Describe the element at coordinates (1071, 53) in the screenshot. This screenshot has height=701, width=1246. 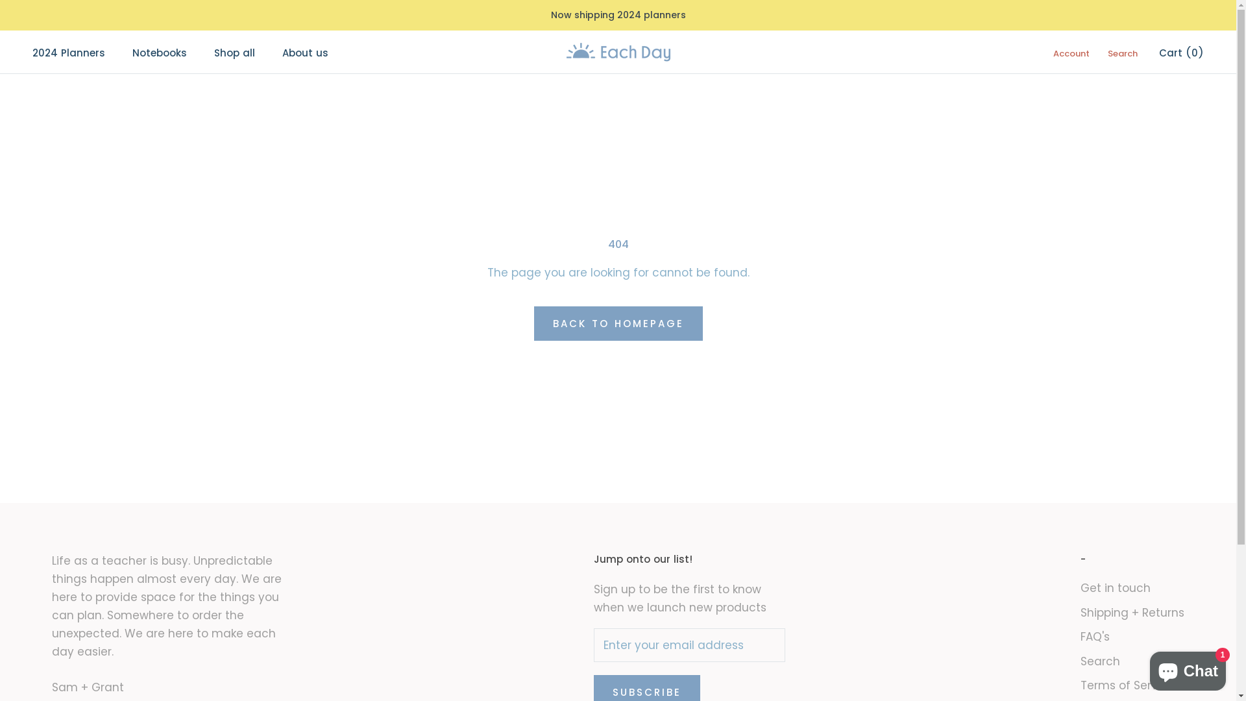
I see `'Account'` at that location.